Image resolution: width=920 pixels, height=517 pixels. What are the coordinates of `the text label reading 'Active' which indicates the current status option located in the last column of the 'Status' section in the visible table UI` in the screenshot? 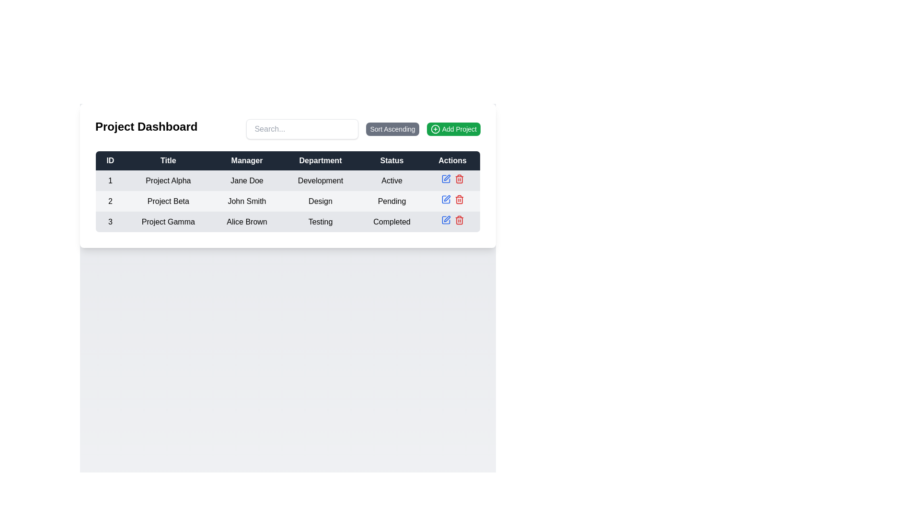 It's located at (391, 180).